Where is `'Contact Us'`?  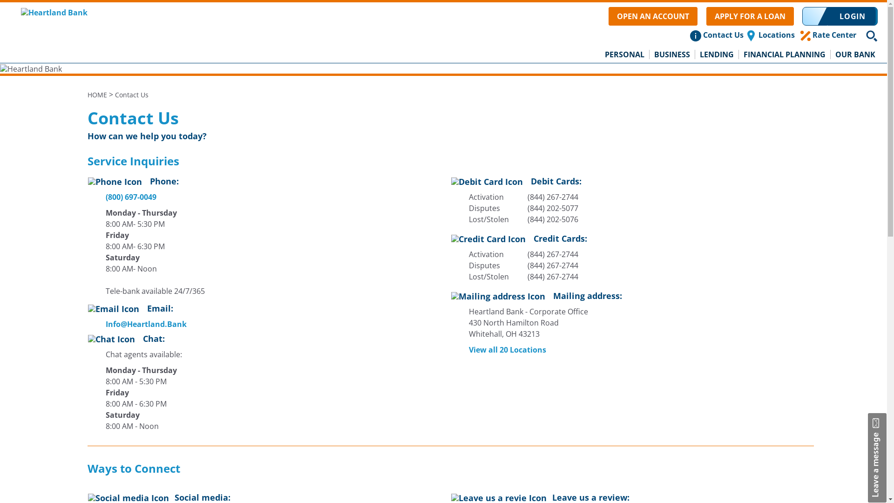
'Contact Us' is located at coordinates (131, 95).